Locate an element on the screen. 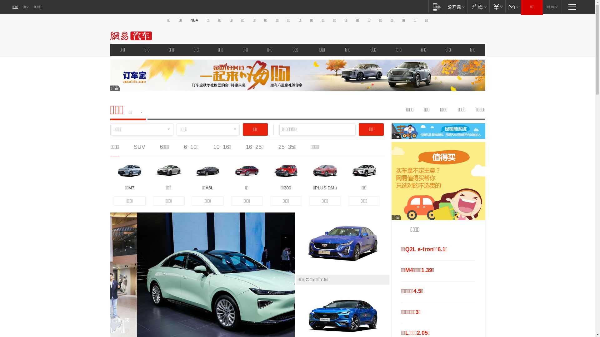 This screenshot has width=600, height=337. 'NBA' is located at coordinates (194, 20).